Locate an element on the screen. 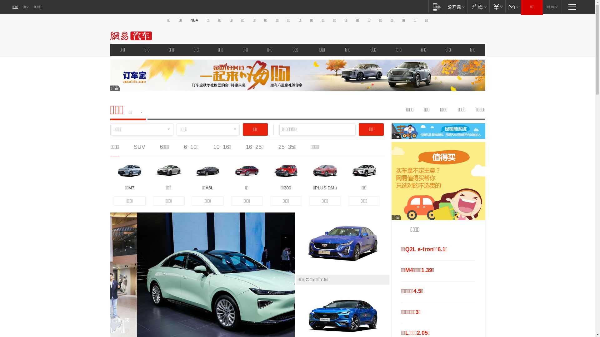 This screenshot has width=600, height=337. 'NBA' is located at coordinates (194, 20).